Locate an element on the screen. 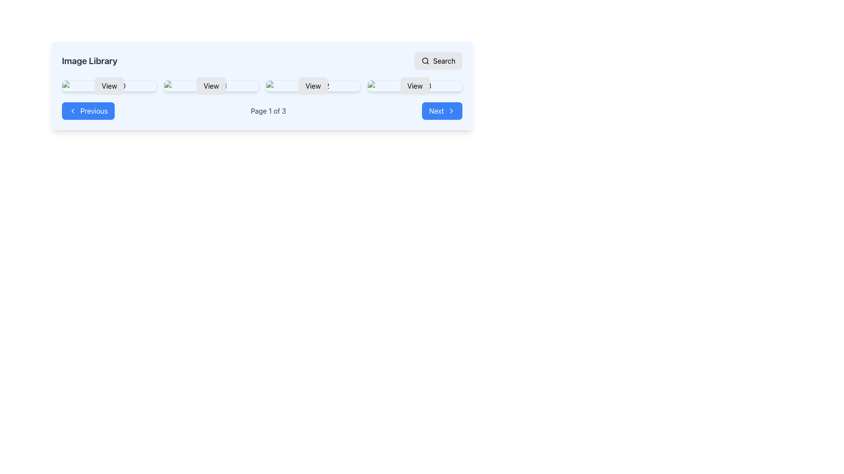 The height and width of the screenshot is (474, 844). the 'View' button in the Button group located in the 'Image Library' section is located at coordinates (262, 86).